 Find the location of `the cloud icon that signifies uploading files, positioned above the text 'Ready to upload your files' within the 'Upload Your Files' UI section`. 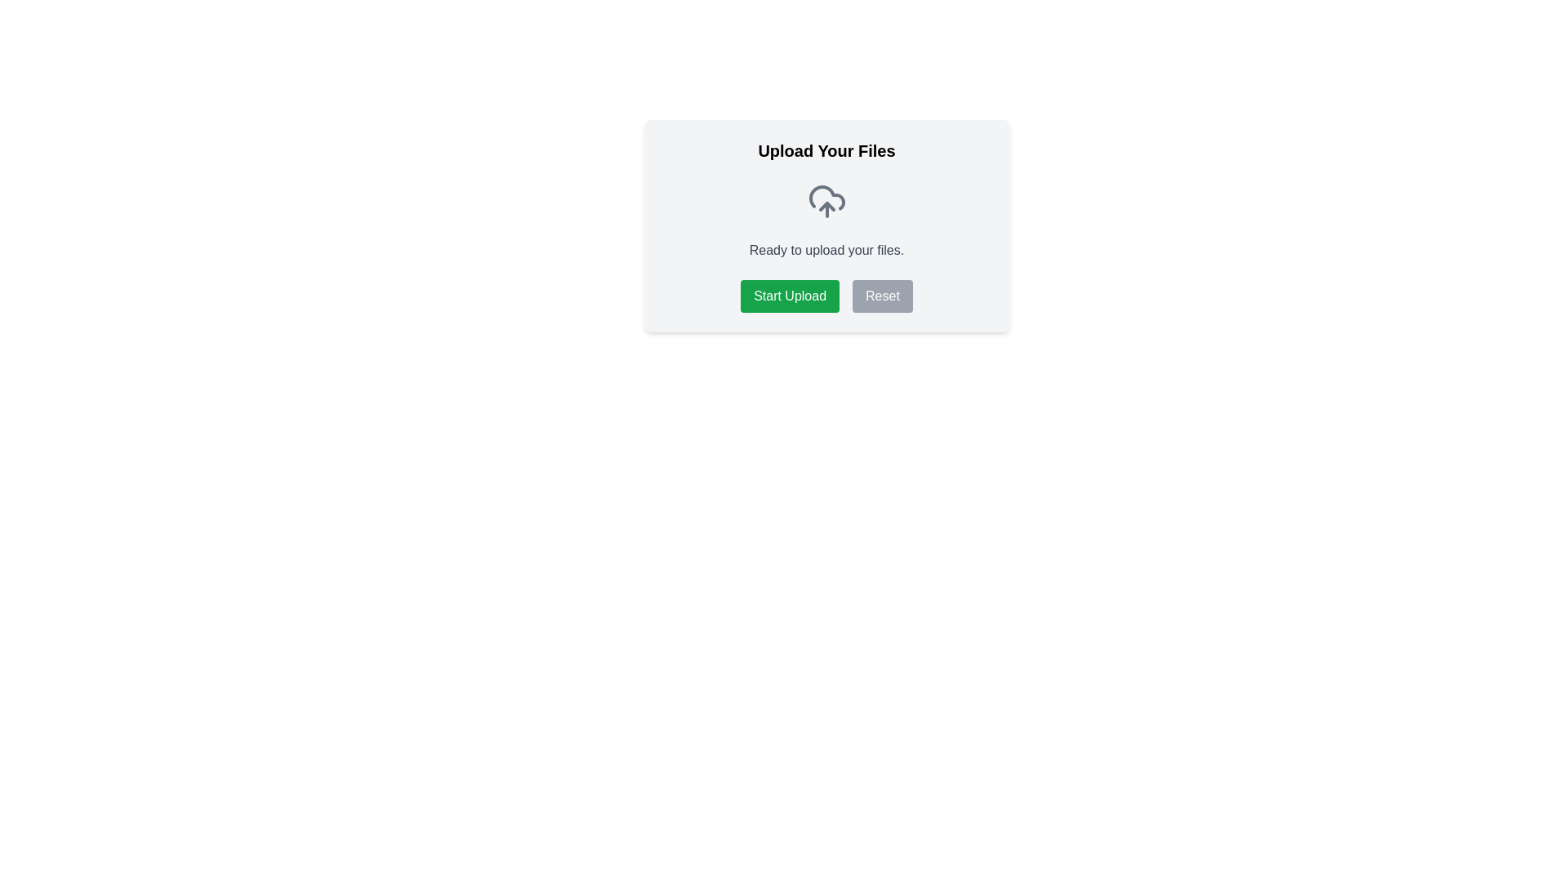

the cloud icon that signifies uploading files, positioned above the text 'Ready to upload your files' within the 'Upload Your Files' UI section is located at coordinates (826, 197).